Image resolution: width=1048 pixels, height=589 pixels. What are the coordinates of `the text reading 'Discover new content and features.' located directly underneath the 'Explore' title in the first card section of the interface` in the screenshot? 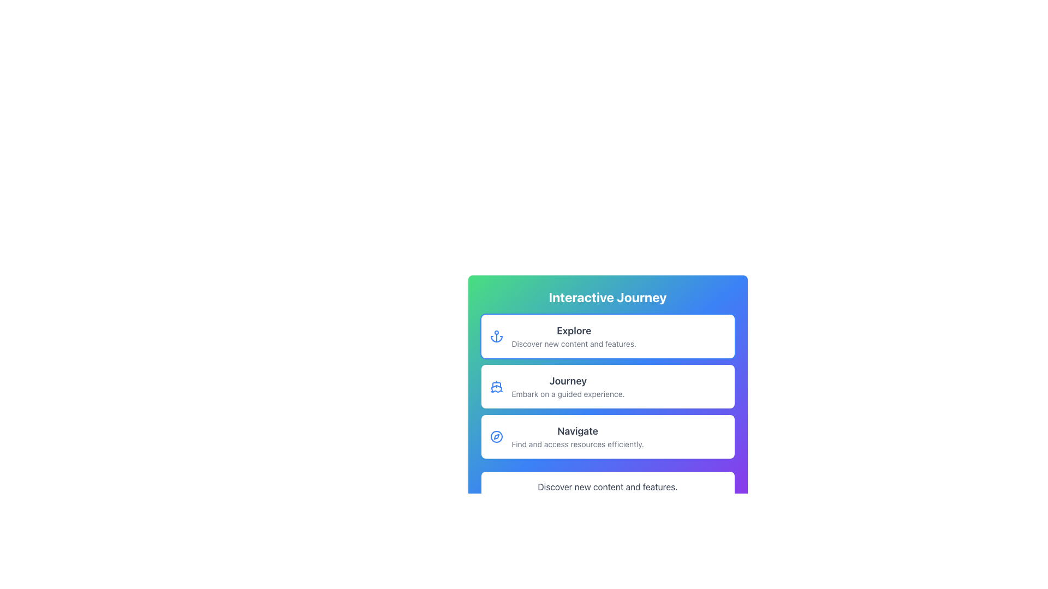 It's located at (573, 344).